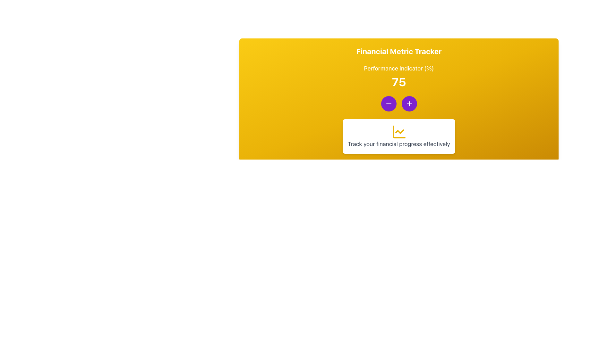 The height and width of the screenshot is (346, 616). What do you see at coordinates (388, 103) in the screenshot?
I see `the minus icon button, which is a purple circular button with a horizontal line, located below the text '75' and to the left of the plus button` at bounding box center [388, 103].